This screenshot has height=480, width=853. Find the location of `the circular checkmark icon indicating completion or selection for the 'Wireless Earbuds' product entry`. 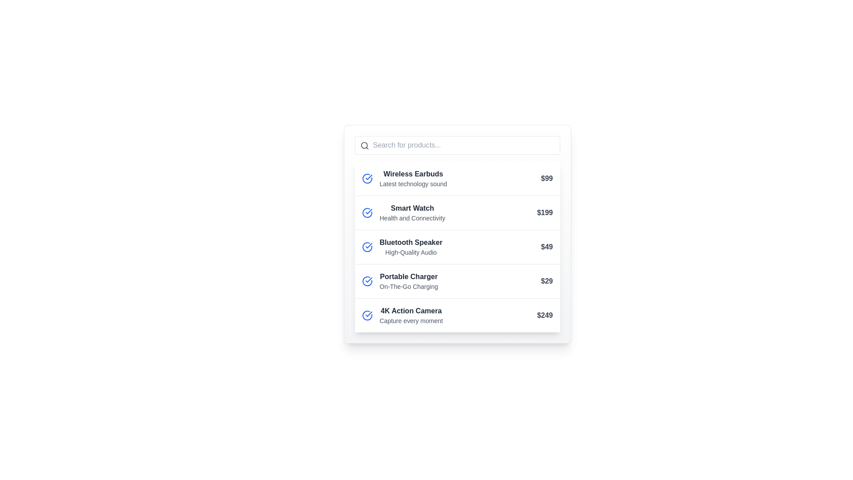

the circular checkmark icon indicating completion or selection for the 'Wireless Earbuds' product entry is located at coordinates (367, 178).